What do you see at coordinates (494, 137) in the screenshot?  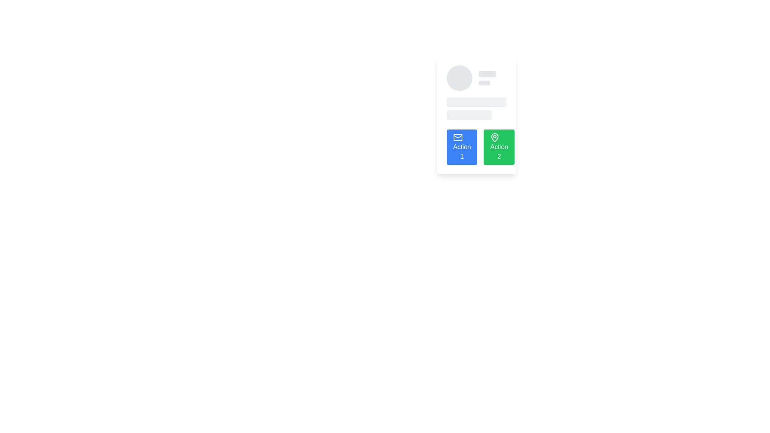 I see `SVG graphic icon depicting a map pin located within the 'Action 2' button in the bottom right of the card layout to view its properties` at bounding box center [494, 137].